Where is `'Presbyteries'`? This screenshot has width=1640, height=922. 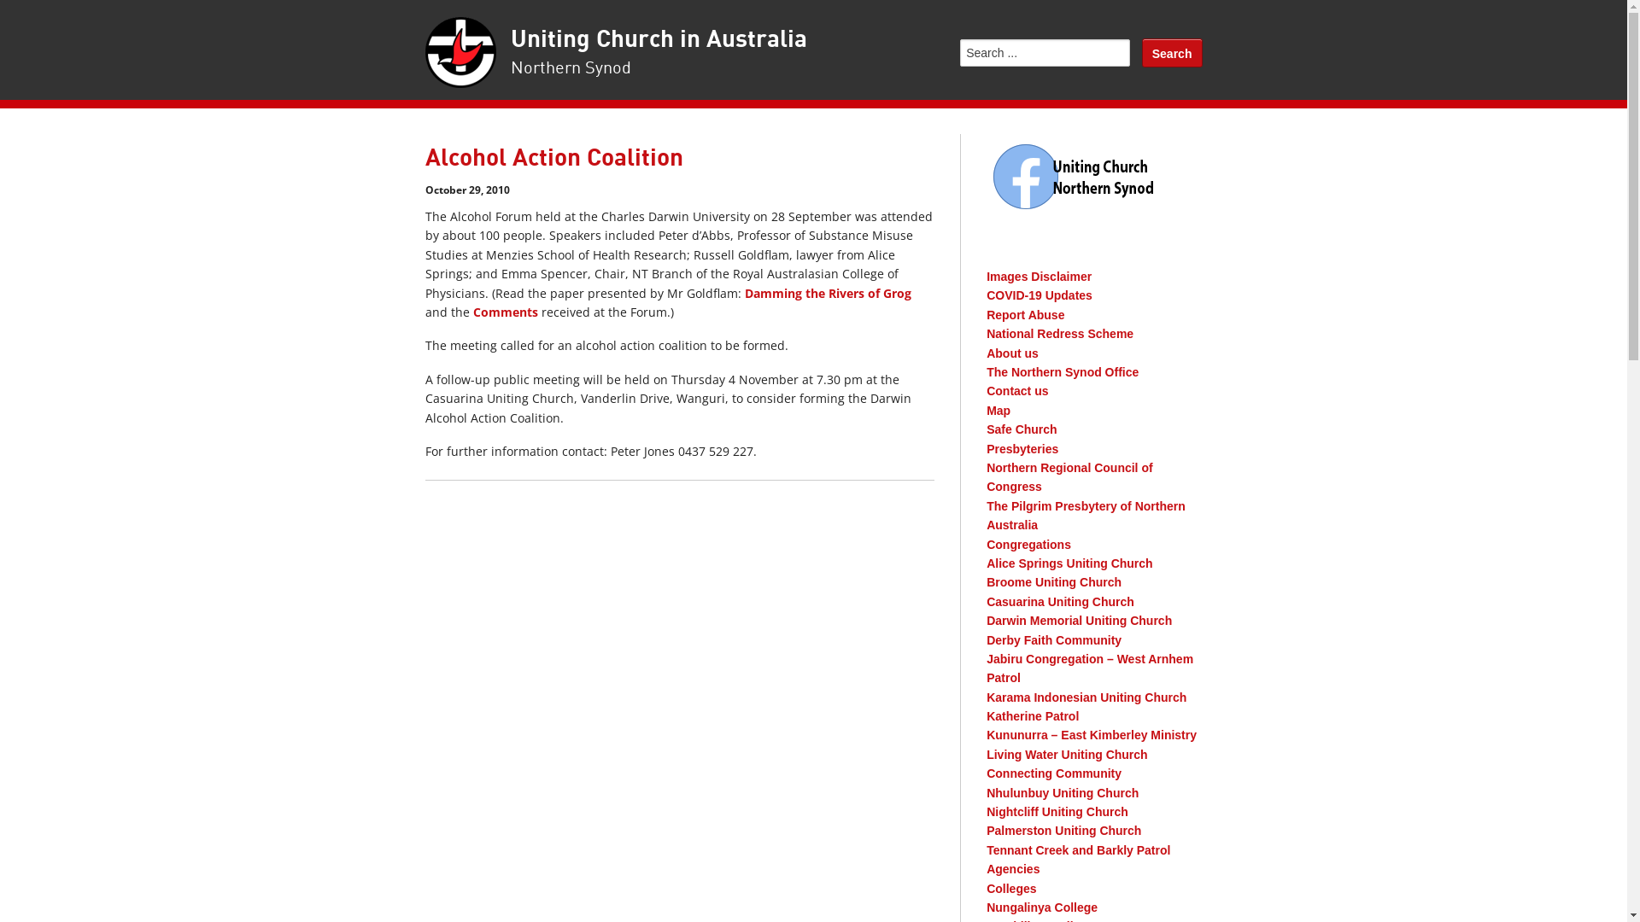
'Presbyteries' is located at coordinates (1022, 447).